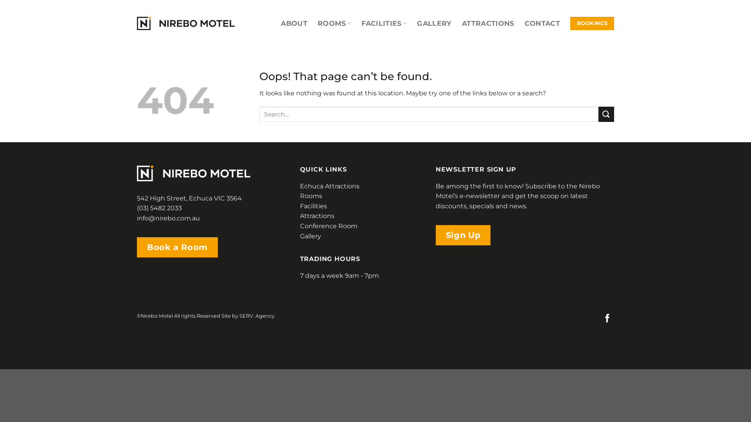  Describe the element at coordinates (542, 23) in the screenshot. I see `'CONTACT'` at that location.